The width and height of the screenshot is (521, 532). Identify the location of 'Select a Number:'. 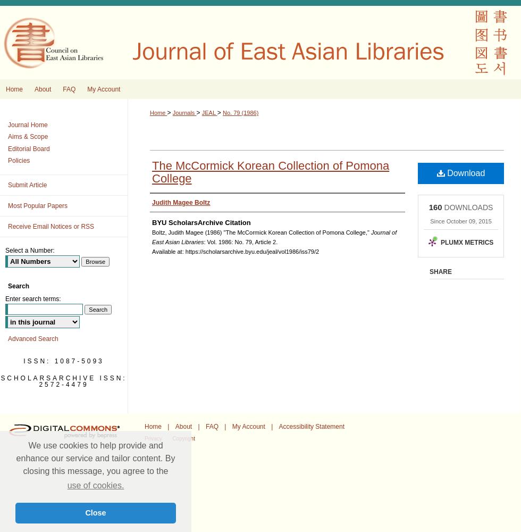
(29, 250).